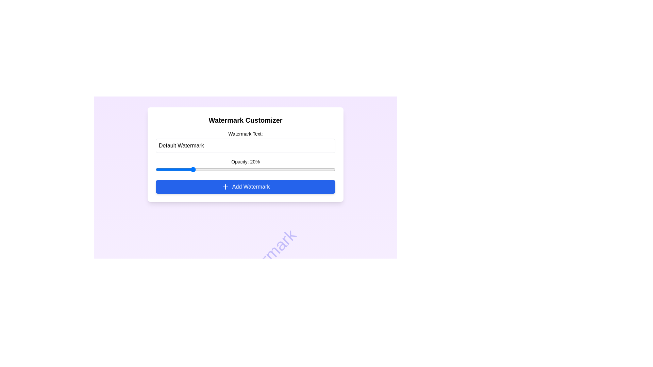  What do you see at coordinates (245, 169) in the screenshot?
I see `the range slider that adjusts the opacity value of the watermark, located beneath the 'Opacity: 20%' label` at bounding box center [245, 169].